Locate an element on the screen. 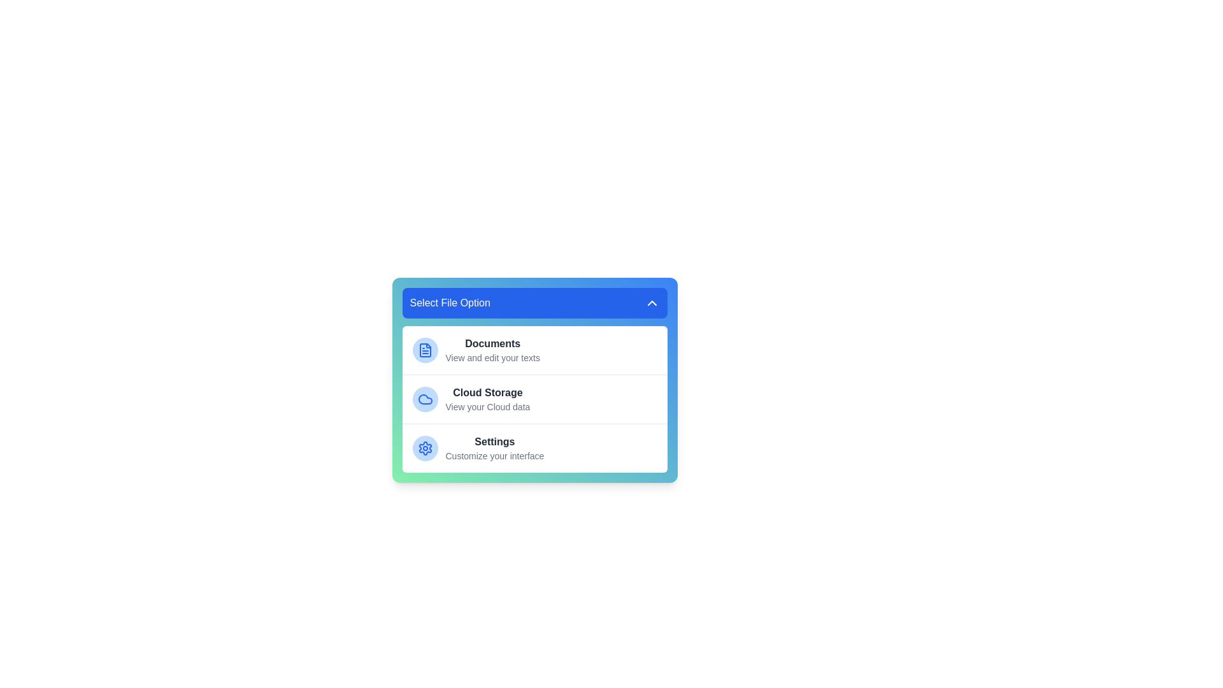 The height and width of the screenshot is (688, 1223). the 'Documents' label, which is the topmost item in the menu card under 'Select File Option', displayed in bold, dark gray font is located at coordinates (492, 344).